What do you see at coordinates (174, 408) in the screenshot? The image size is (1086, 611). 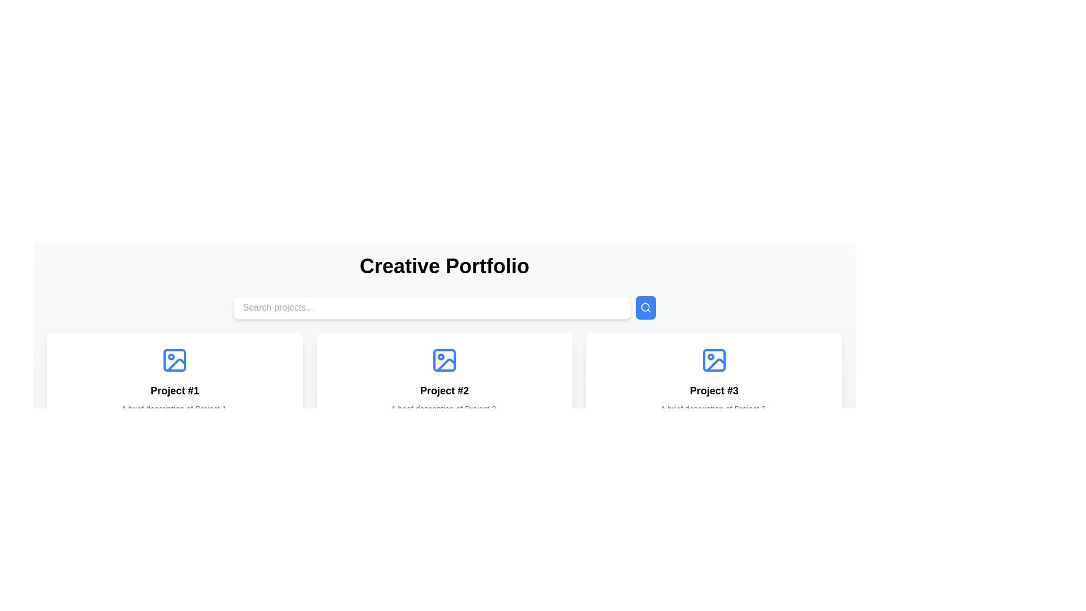 I see `text label providing a summary of 'Project #1', located below the title and above the icons in the project card` at bounding box center [174, 408].